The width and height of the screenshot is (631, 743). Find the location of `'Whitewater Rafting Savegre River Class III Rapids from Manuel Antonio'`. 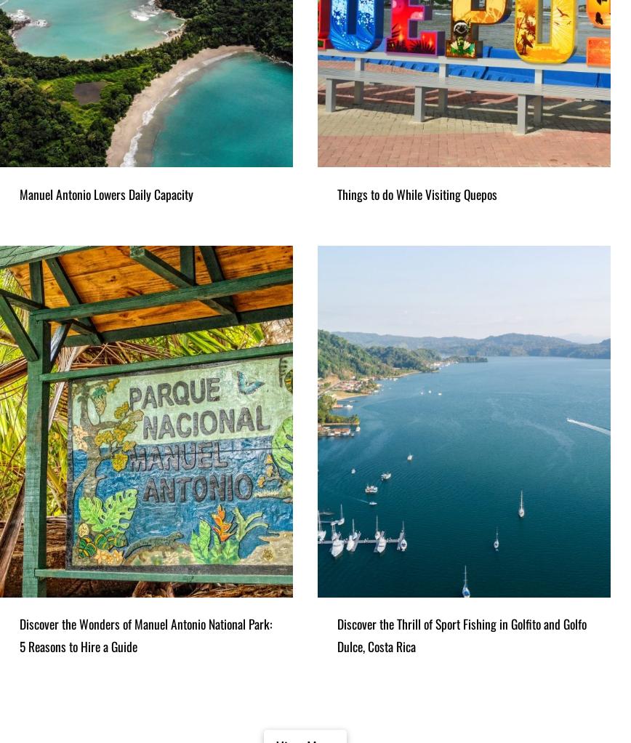

'Whitewater Rafting Savegre River Class III Rapids from Manuel Antonio' is located at coordinates (108, 446).